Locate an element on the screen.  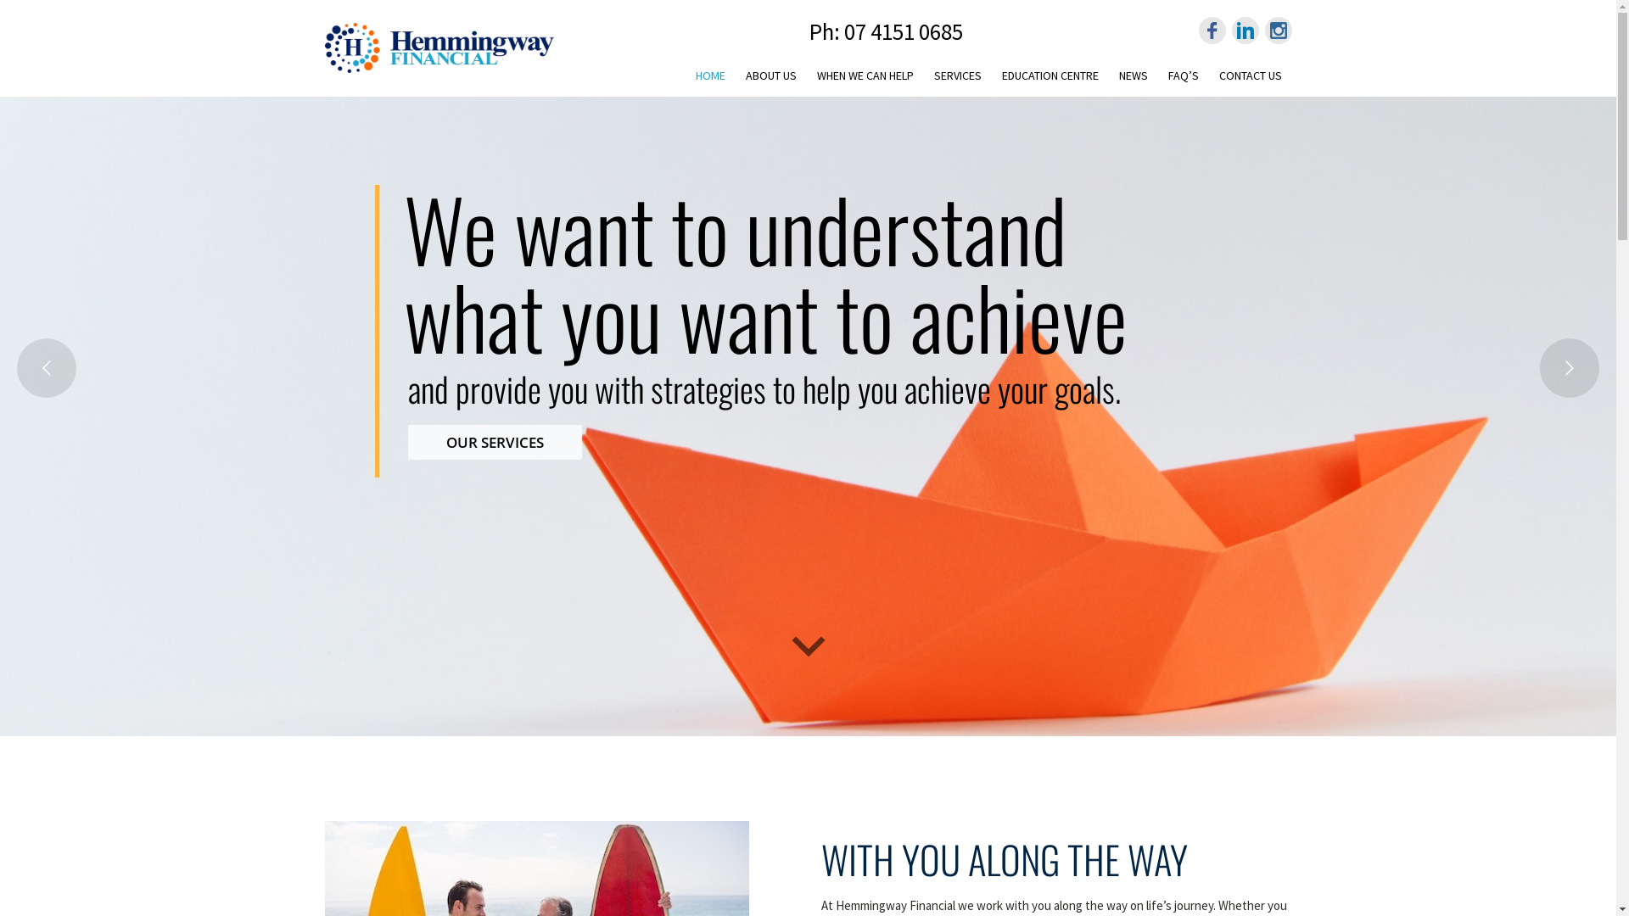
'NEWS' is located at coordinates (1132, 71).